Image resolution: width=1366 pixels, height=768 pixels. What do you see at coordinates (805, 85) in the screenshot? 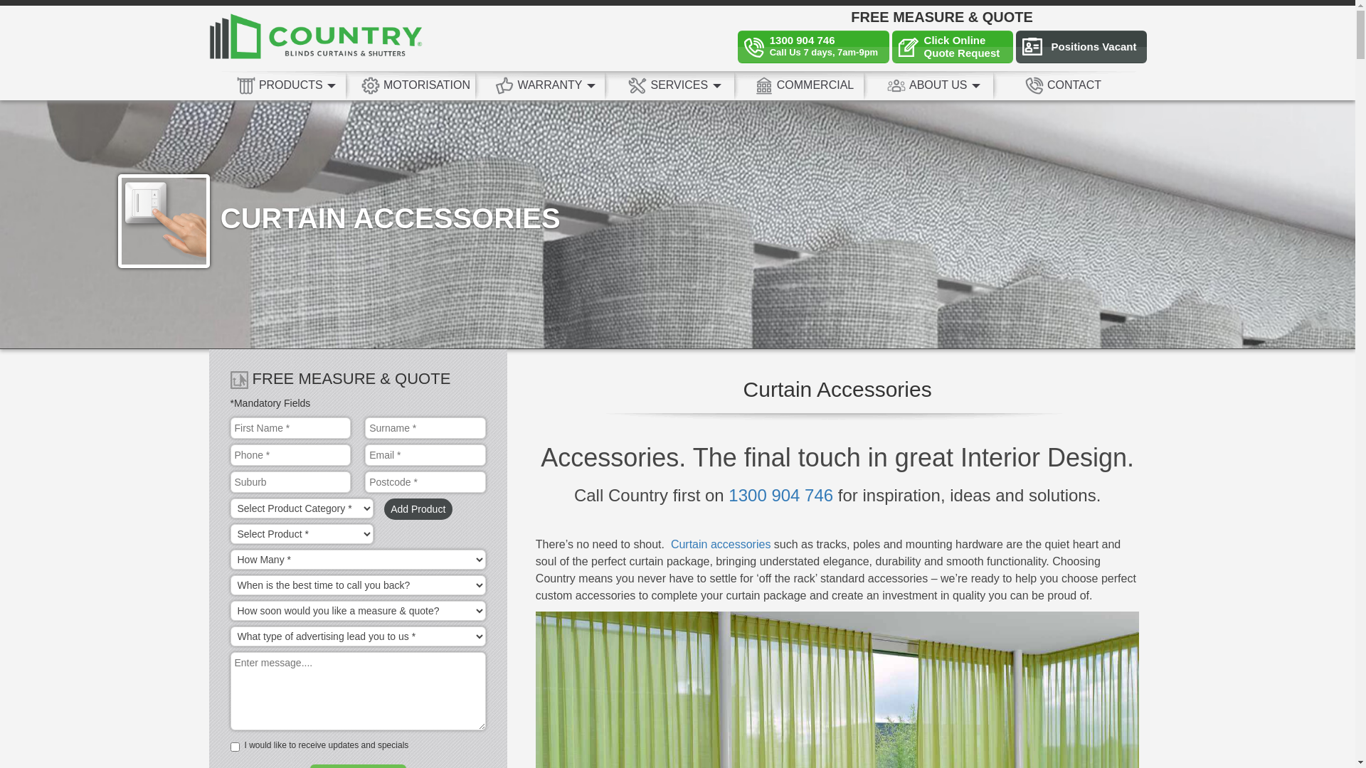
I see `'COMMERCIAL'` at bounding box center [805, 85].